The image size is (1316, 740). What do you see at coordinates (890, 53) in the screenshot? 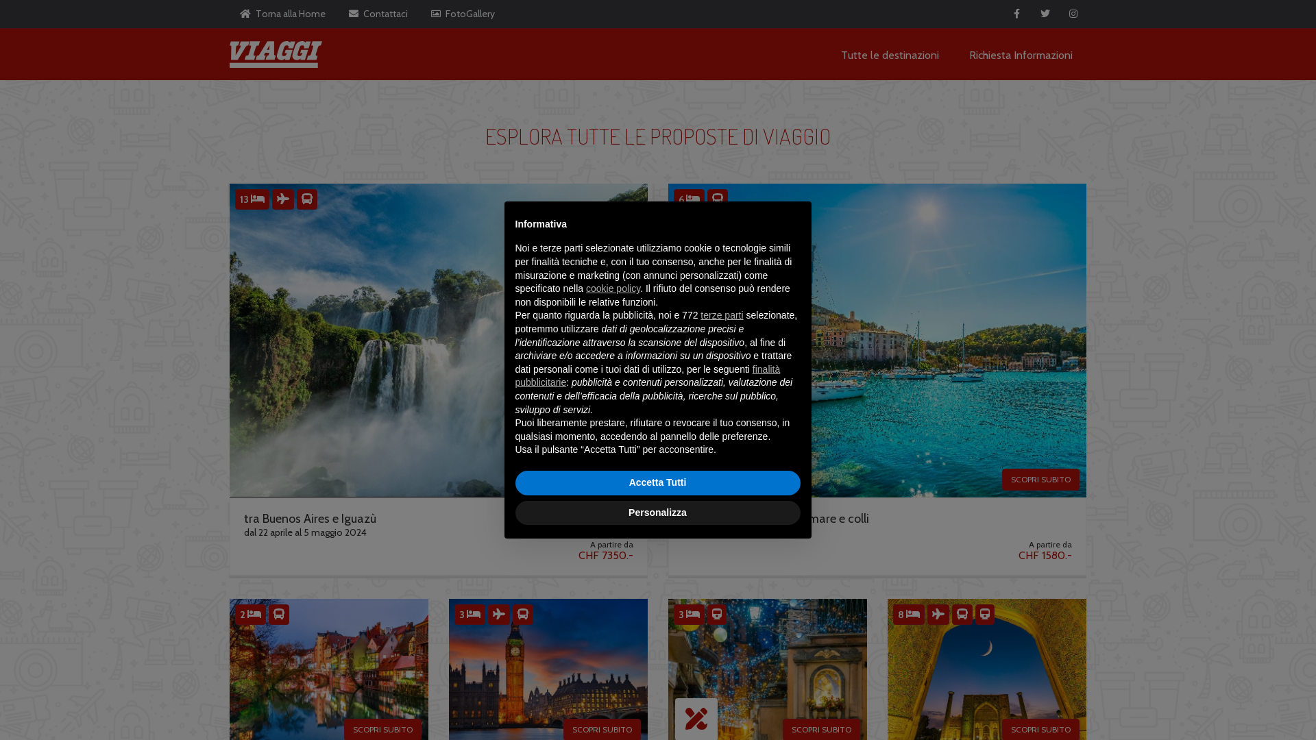
I see `'Tutte le destinazioni'` at bounding box center [890, 53].